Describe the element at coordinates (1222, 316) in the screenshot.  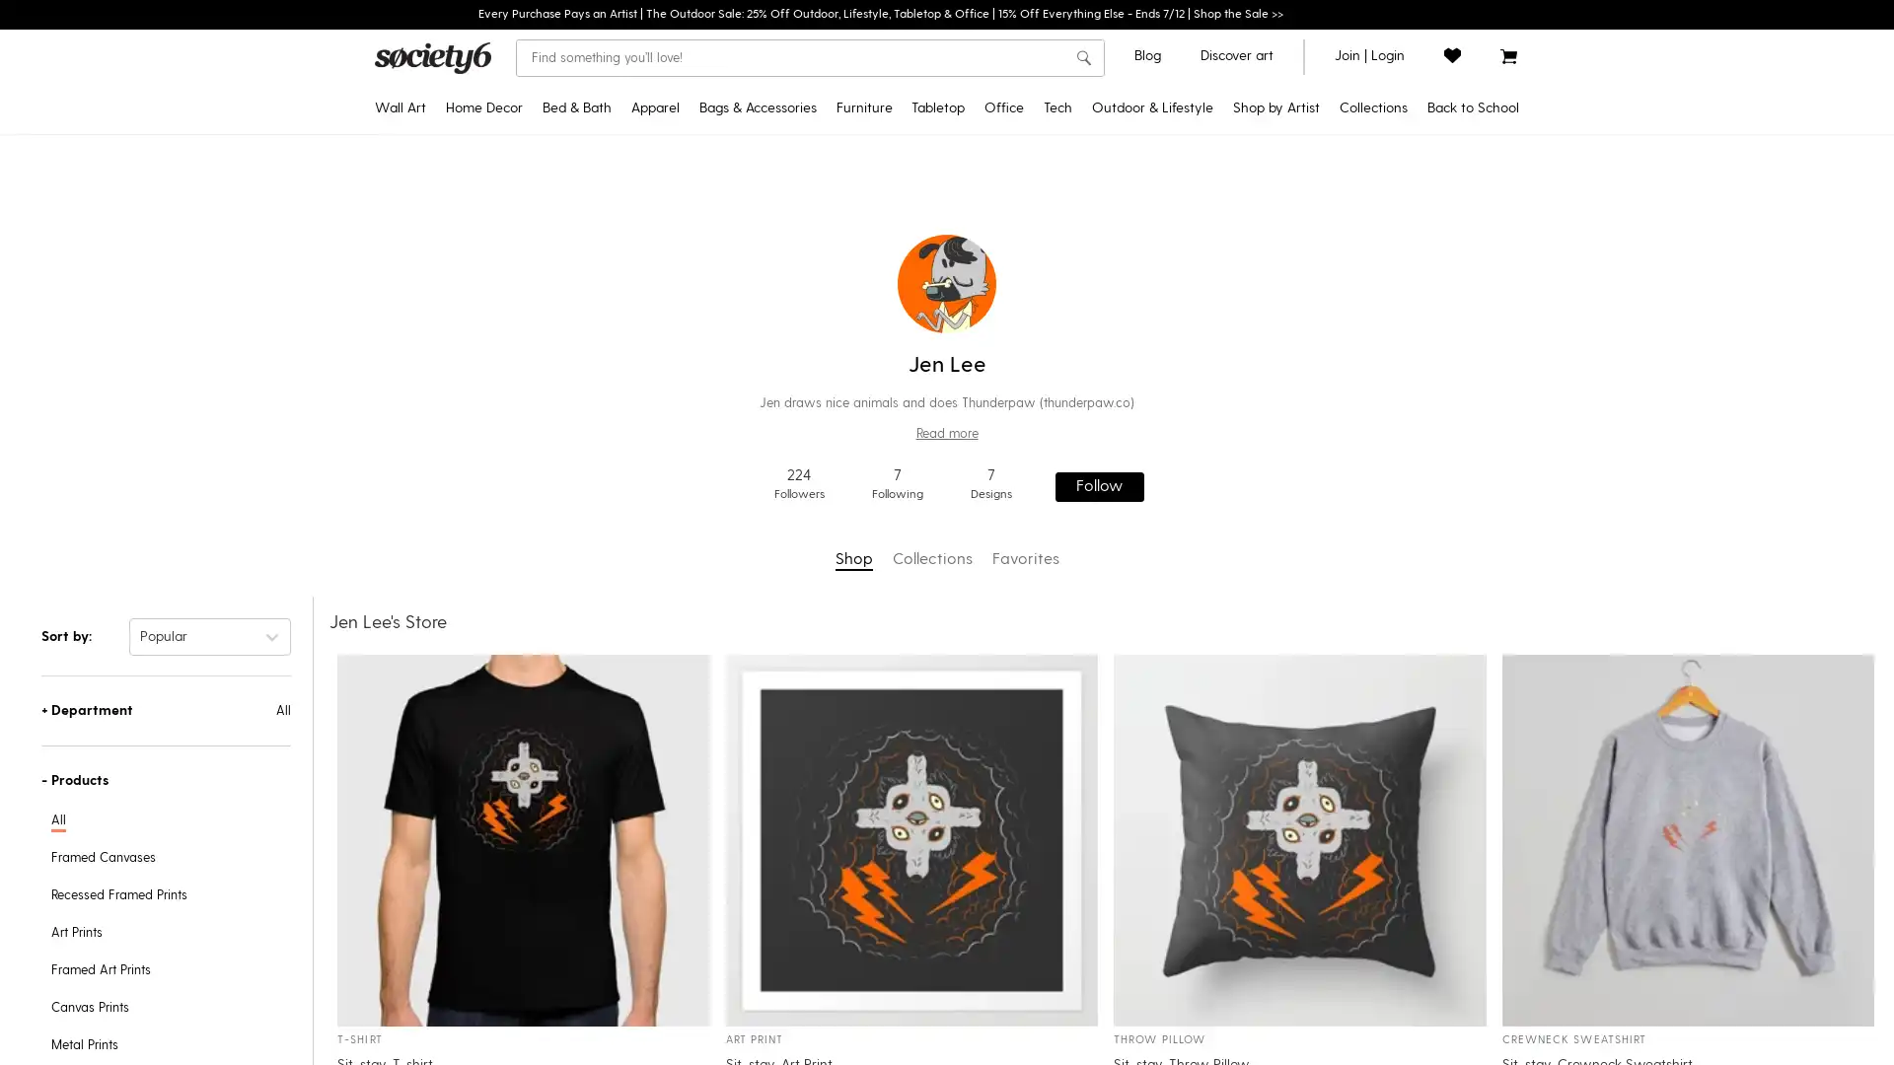
I see `Discover LGBTQIA+ Artists` at that location.